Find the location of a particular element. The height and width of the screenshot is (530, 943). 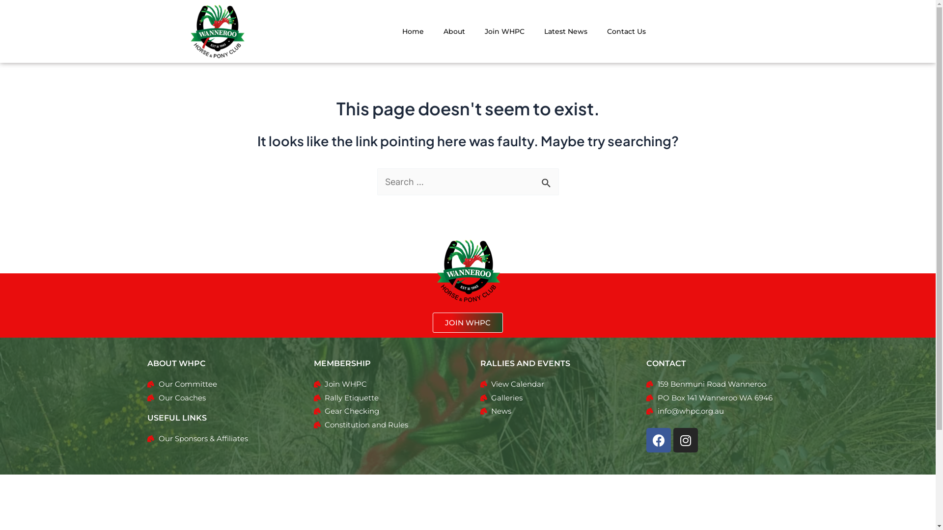

'JOIN WHPC' is located at coordinates (467, 322).